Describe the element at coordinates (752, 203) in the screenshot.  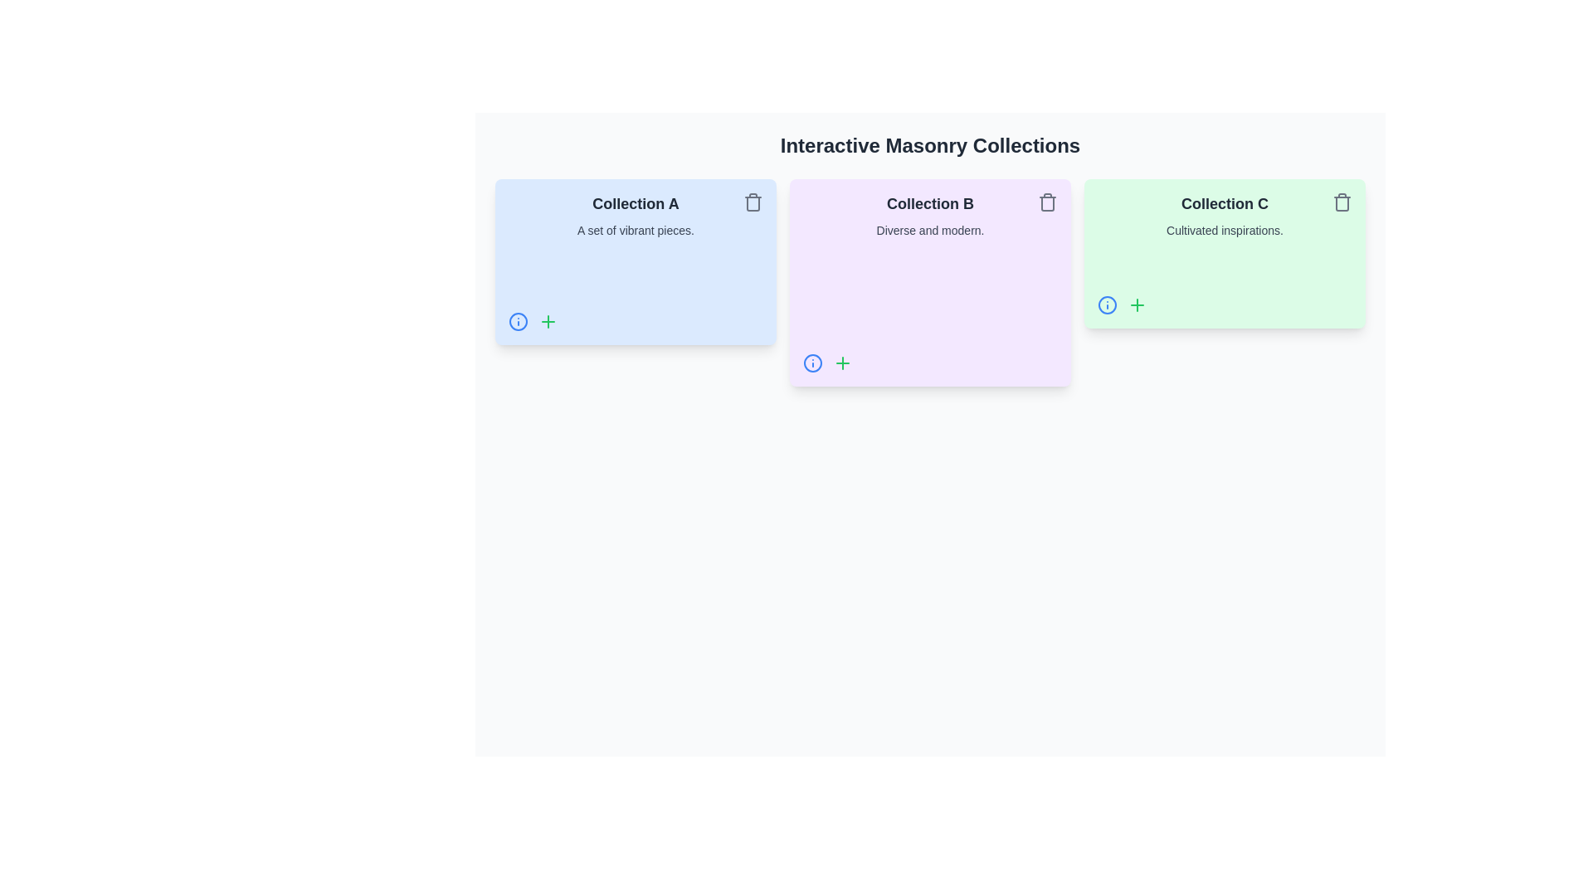
I see `the trash bin icon located in the upper-right corner of the 'Collection A' card` at that location.